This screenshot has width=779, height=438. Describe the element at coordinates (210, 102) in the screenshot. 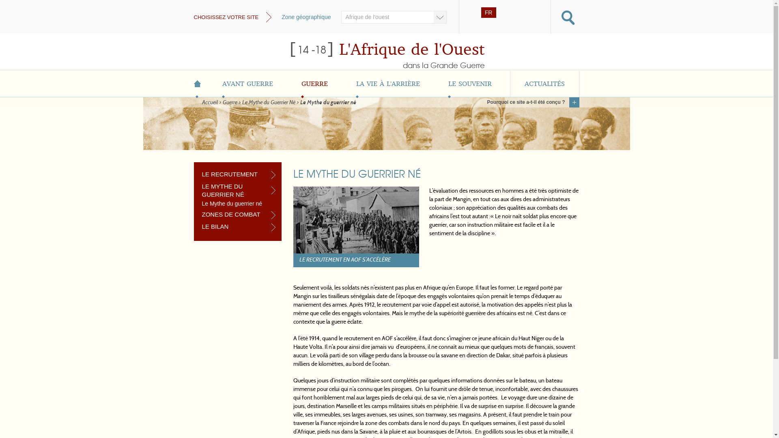

I see `'Accueil'` at that location.